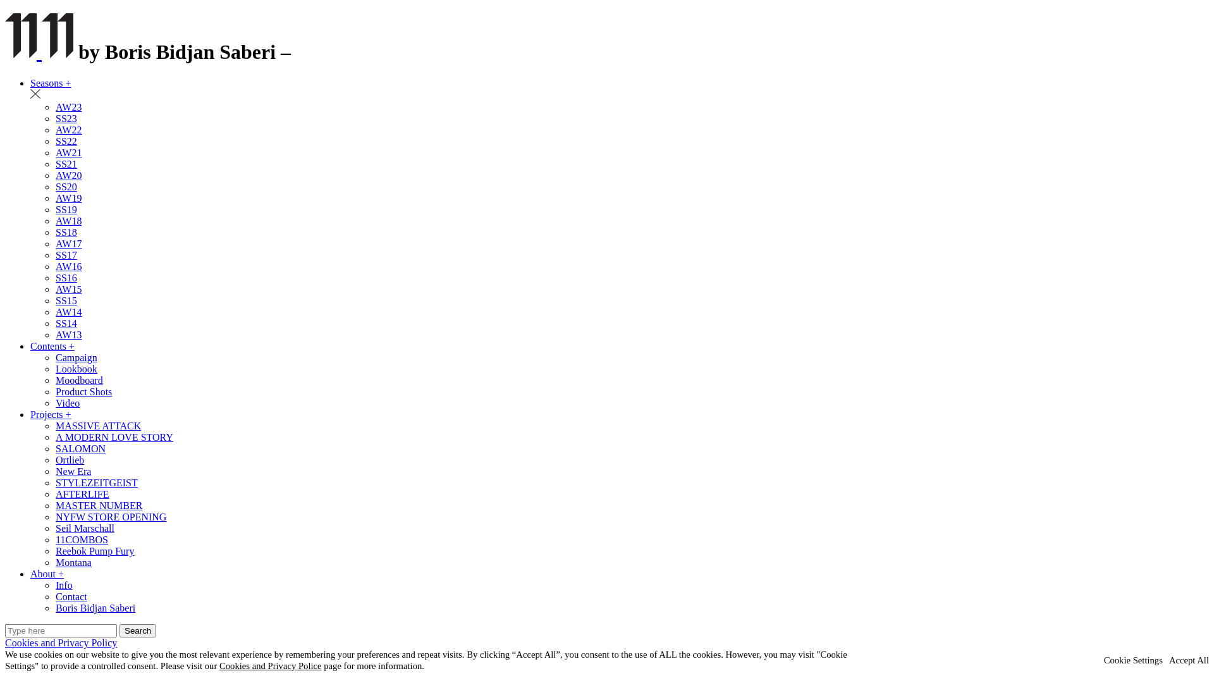 This screenshot has height=683, width=1214. What do you see at coordinates (137, 631) in the screenshot?
I see `'Search'` at bounding box center [137, 631].